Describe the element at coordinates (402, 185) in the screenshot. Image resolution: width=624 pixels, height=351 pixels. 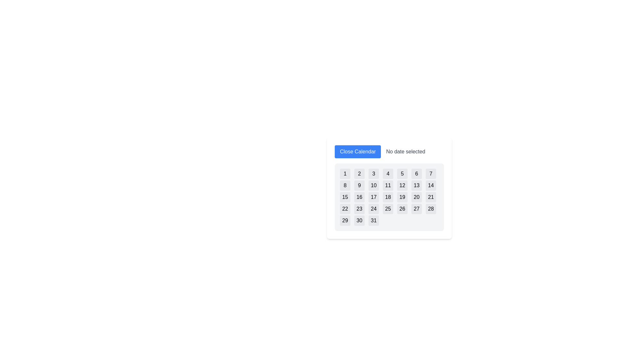
I see `the button labeled '12' in the calendar grid` at that location.